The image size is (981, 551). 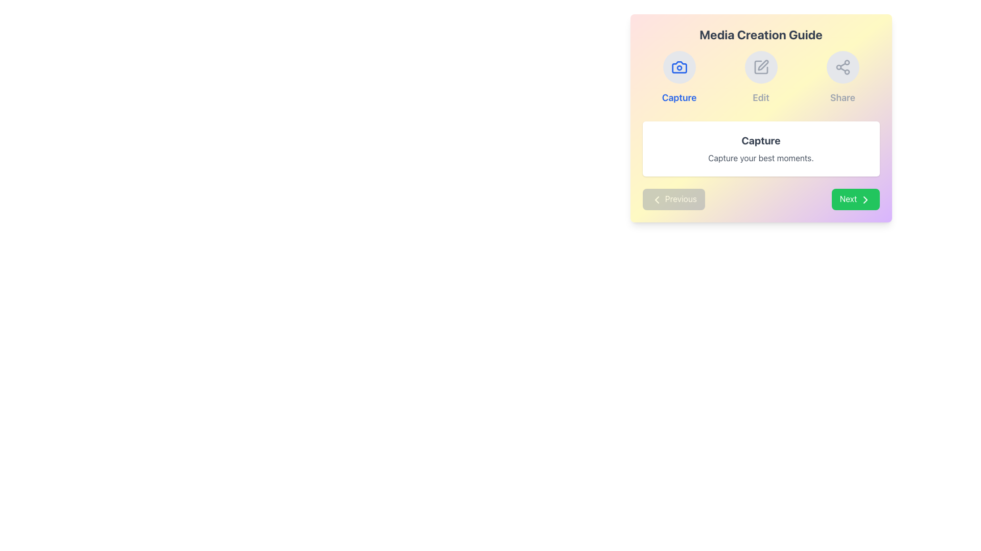 What do you see at coordinates (761, 67) in the screenshot?
I see `the circular gray button with a pencil icon located in the 'Edit' section of the 'Media Creation Guide' panel` at bounding box center [761, 67].